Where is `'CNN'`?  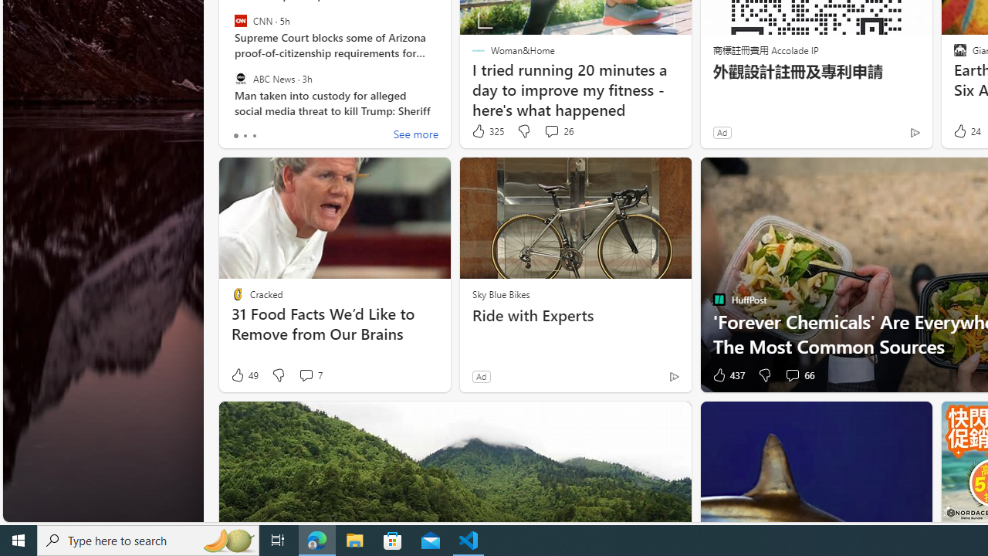
'CNN' is located at coordinates (239, 21).